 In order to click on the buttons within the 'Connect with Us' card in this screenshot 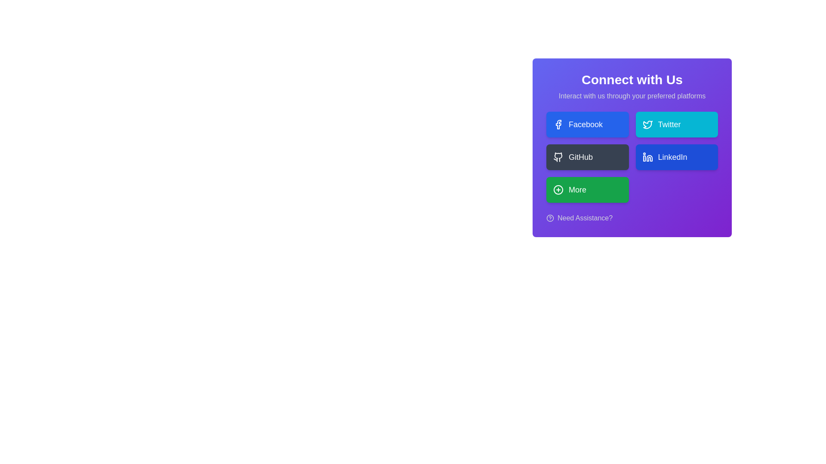, I will do `click(632, 147)`.